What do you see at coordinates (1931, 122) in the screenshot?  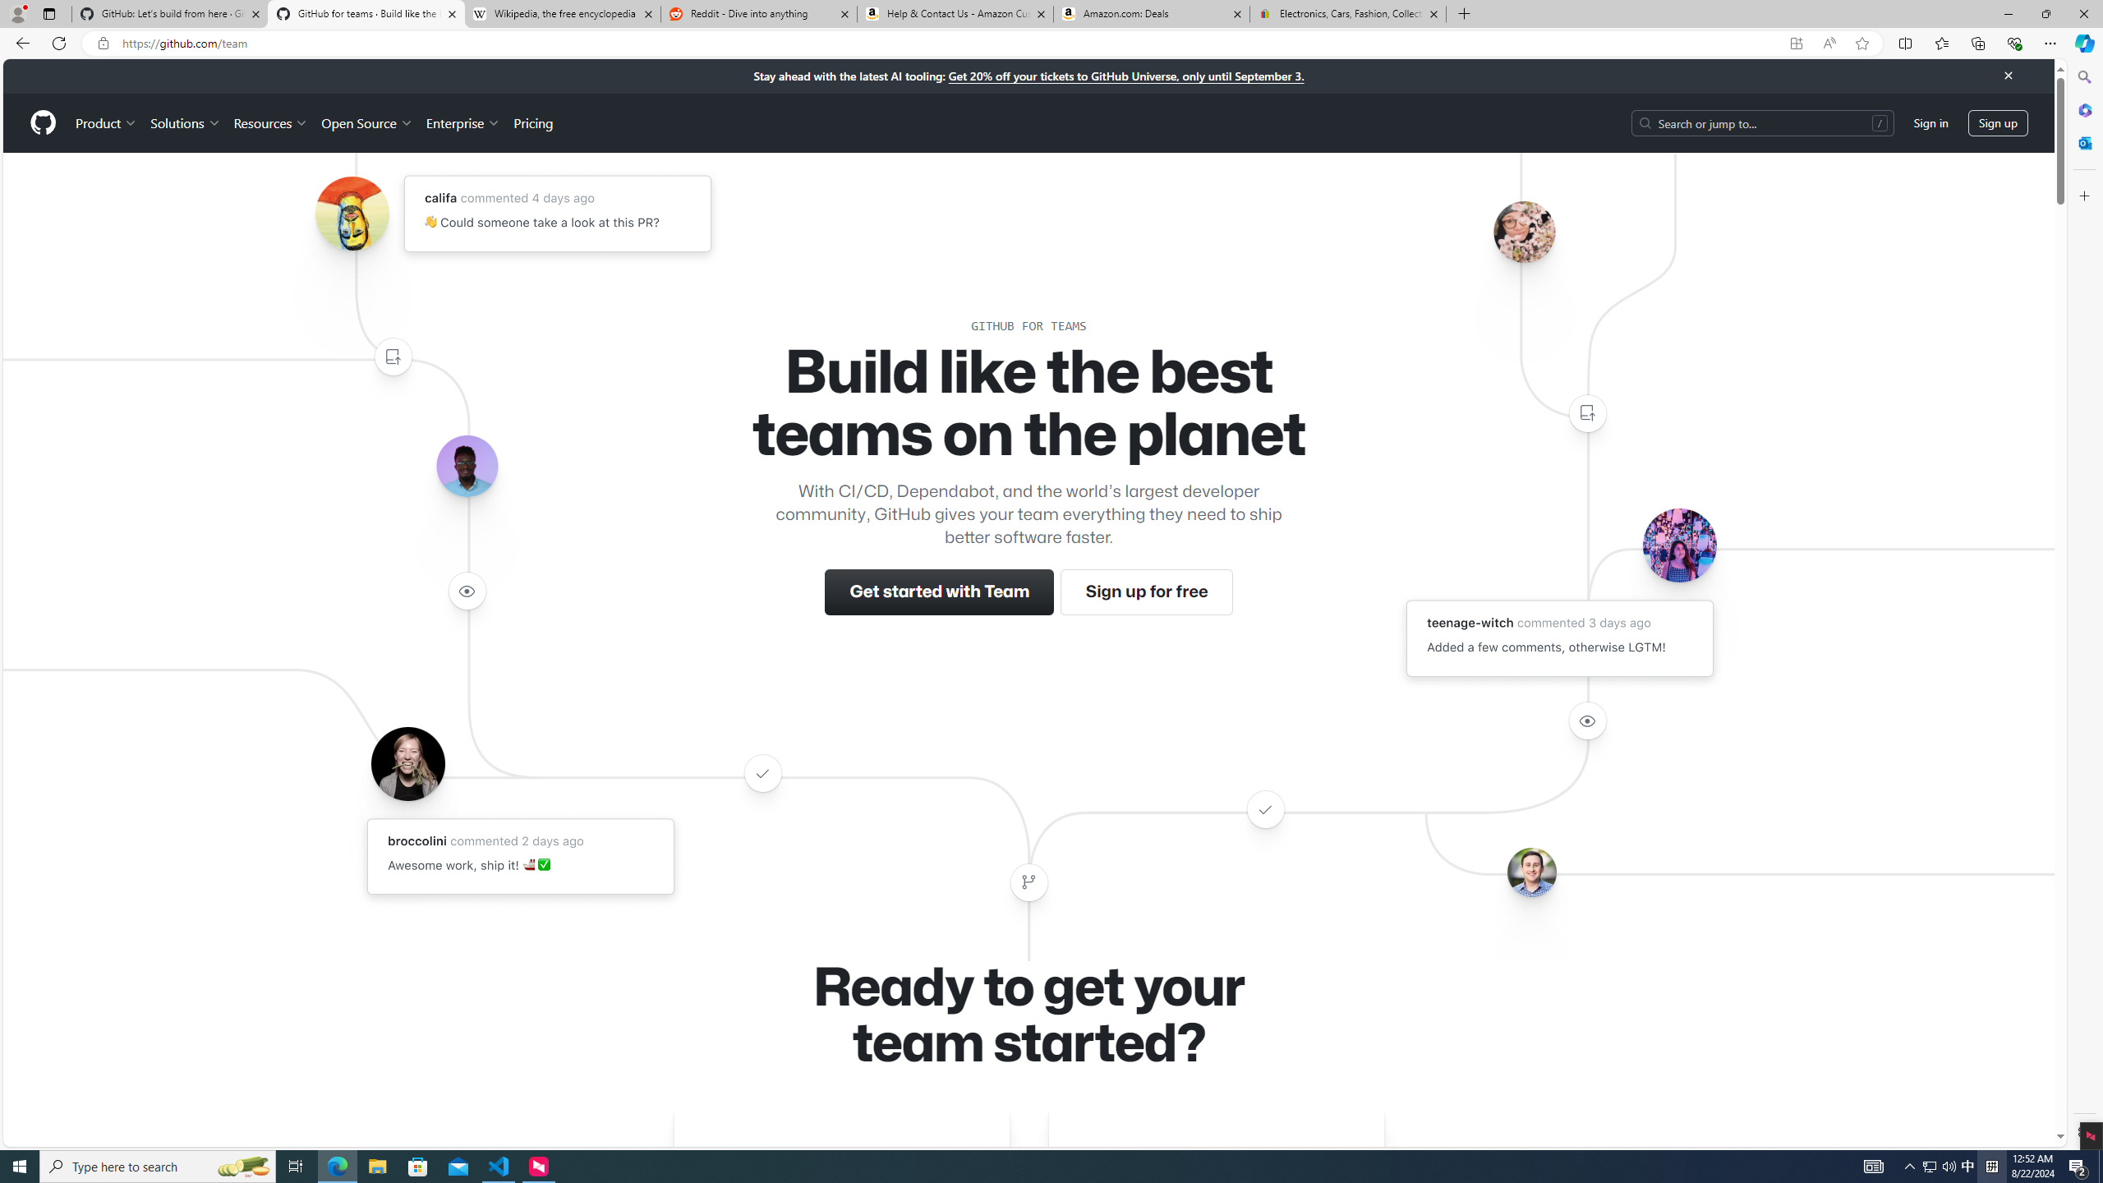 I see `'Sign in'` at bounding box center [1931, 122].